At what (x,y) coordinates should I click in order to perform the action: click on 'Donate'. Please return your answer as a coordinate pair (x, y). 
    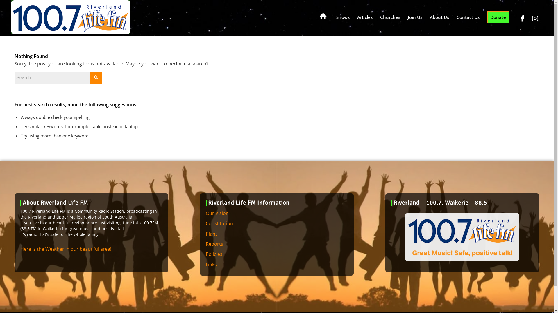
    Looking at the image, I should click on (483, 17).